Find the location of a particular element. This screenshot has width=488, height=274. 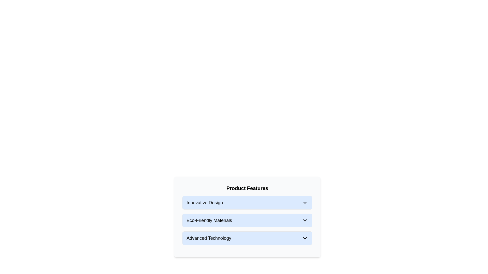

the Dropdown Menu Button located under 'Product Features' is located at coordinates (247, 238).